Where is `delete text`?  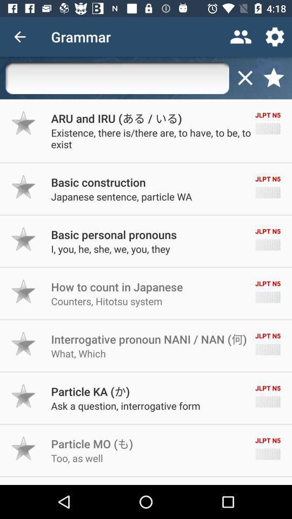 delete text is located at coordinates (245, 77).